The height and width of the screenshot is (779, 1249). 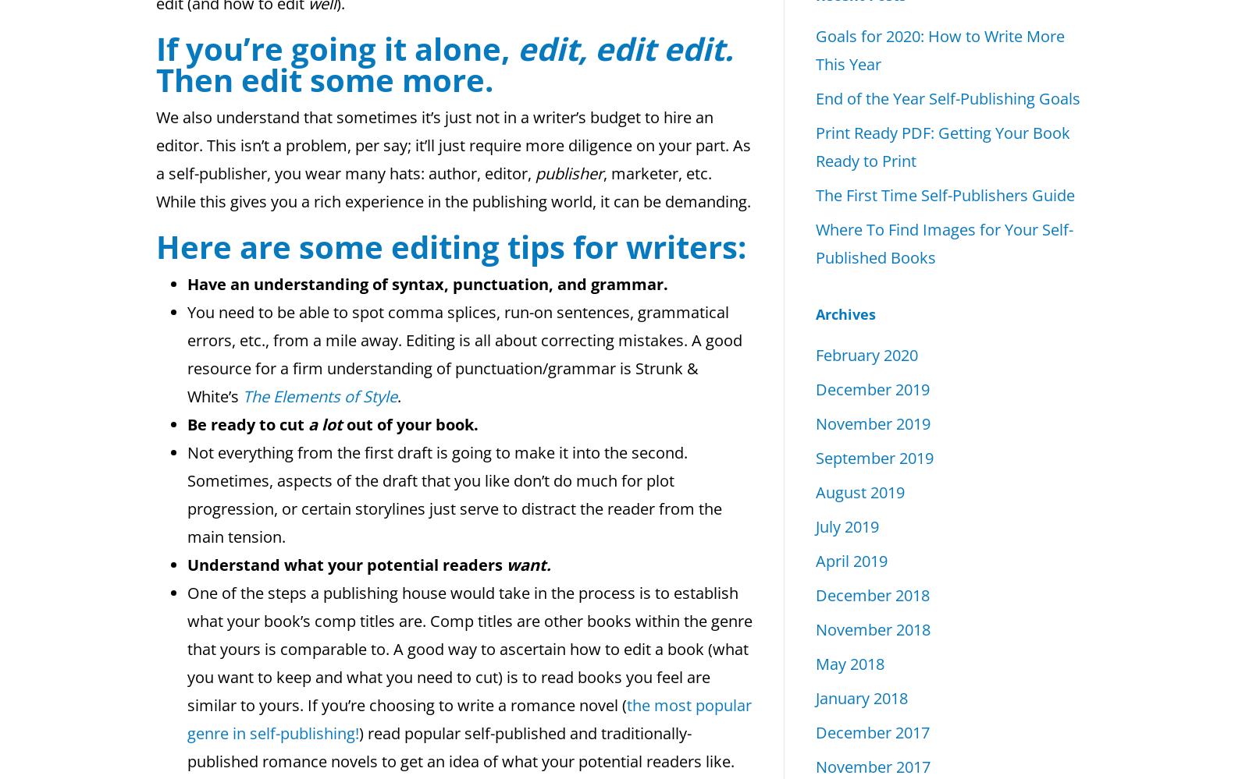 What do you see at coordinates (815, 97) in the screenshot?
I see `'End of the Year Self-Publishing Goals'` at bounding box center [815, 97].